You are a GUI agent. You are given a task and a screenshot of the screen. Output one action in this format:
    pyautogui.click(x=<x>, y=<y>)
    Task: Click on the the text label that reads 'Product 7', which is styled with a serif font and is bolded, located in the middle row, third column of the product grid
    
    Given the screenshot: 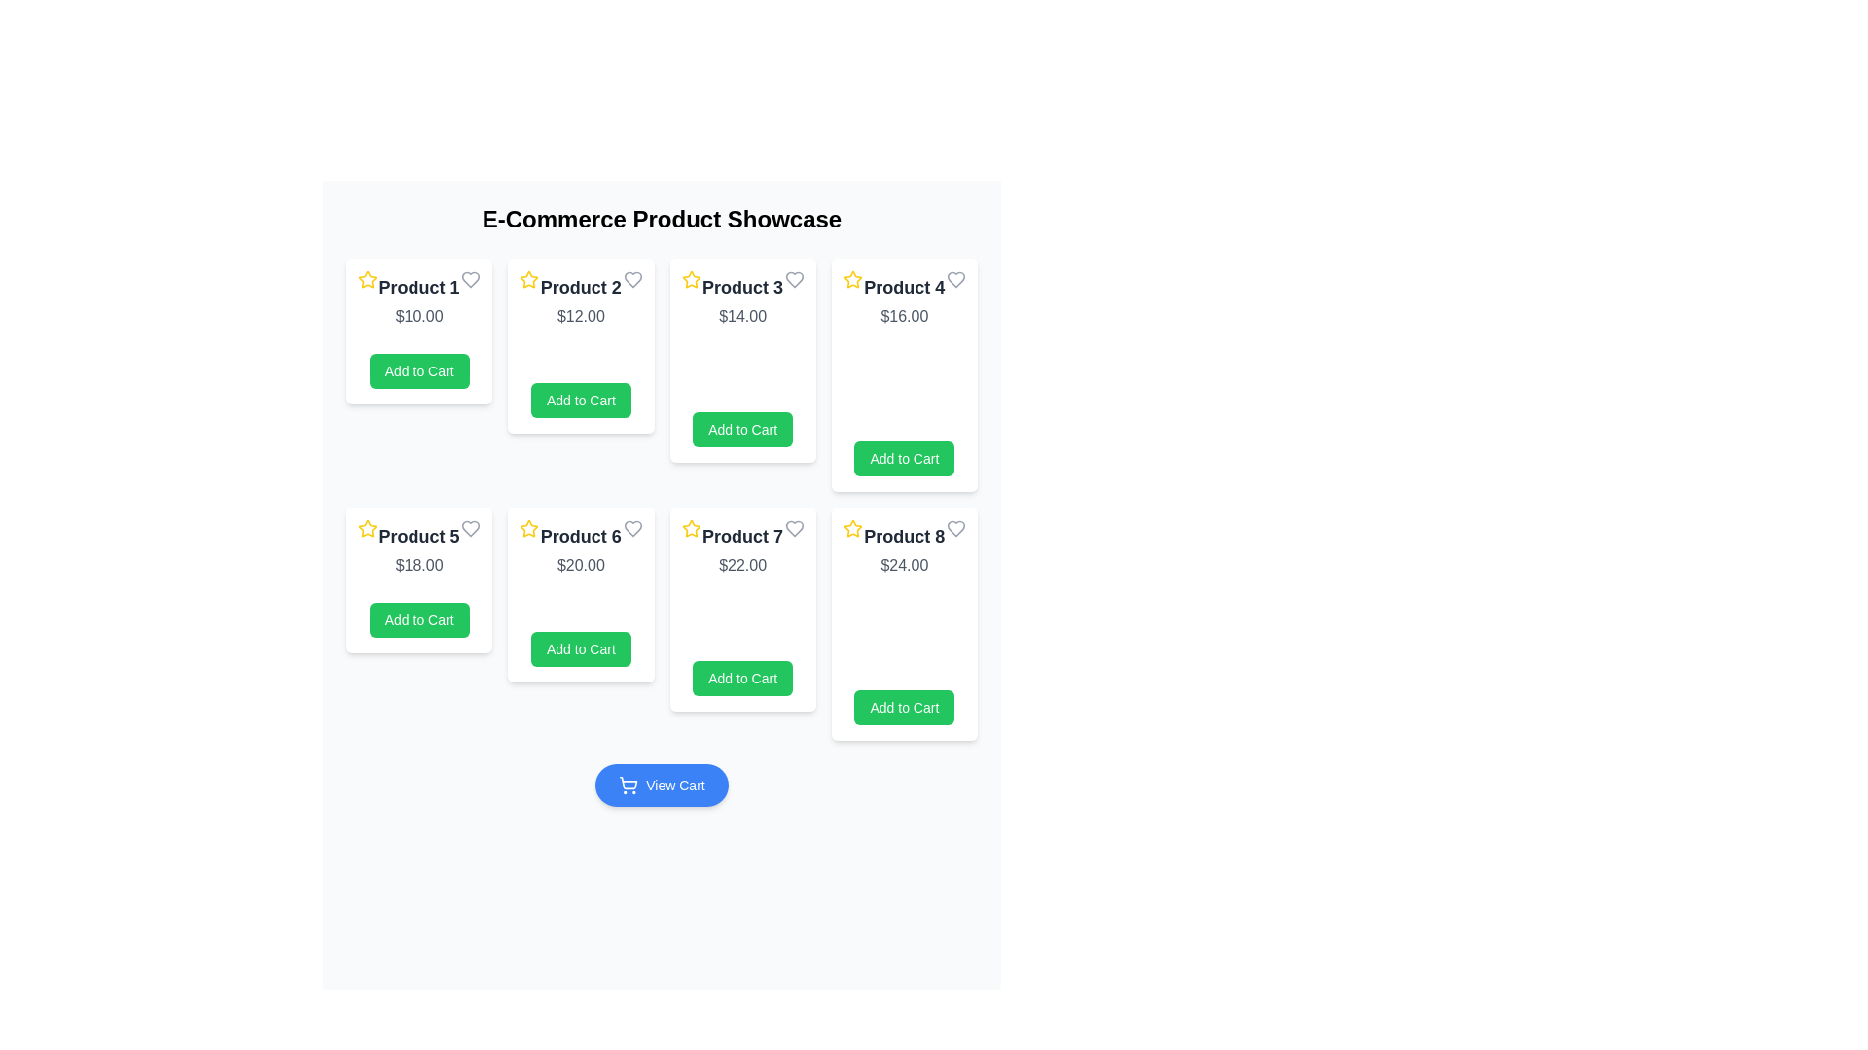 What is the action you would take?
    pyautogui.click(x=741, y=536)
    